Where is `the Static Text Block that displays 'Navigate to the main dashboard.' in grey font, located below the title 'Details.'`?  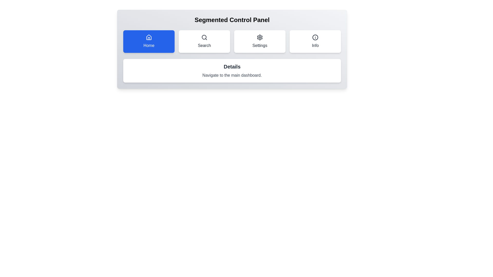
the Static Text Block that displays 'Navigate to the main dashboard.' in grey font, located below the title 'Details.' is located at coordinates (232, 75).